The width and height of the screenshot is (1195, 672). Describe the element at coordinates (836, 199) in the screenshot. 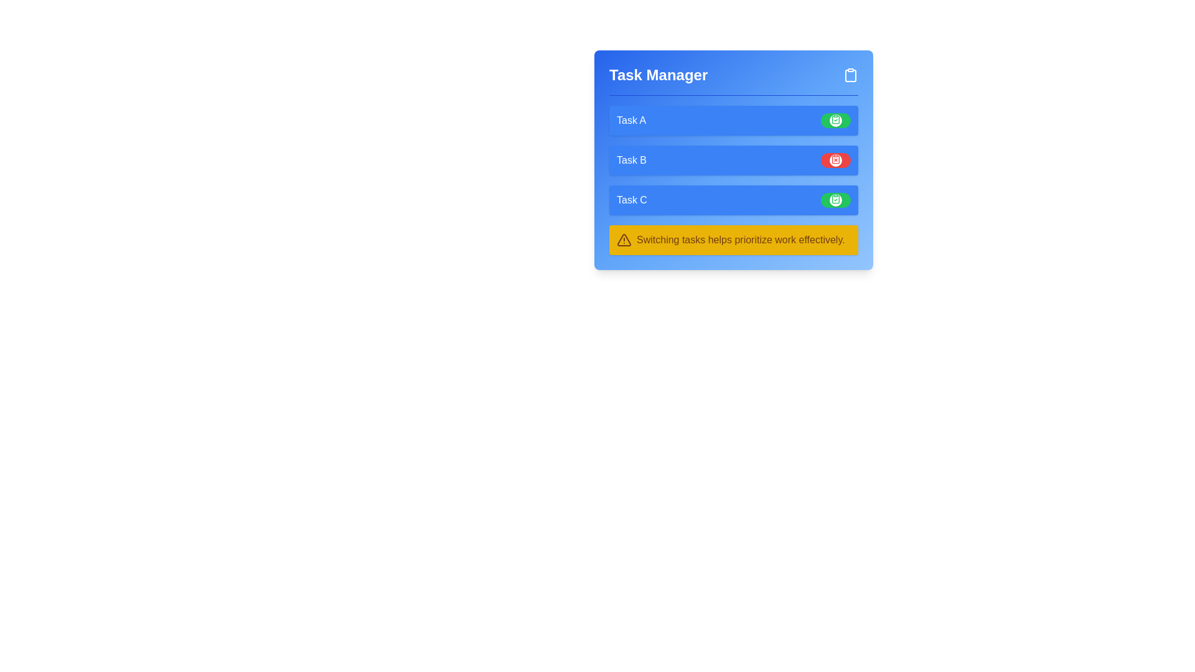

I see `the toggle switch with a green rounded background and a white circular knob, located on the right side of the 'Task C' row` at that location.